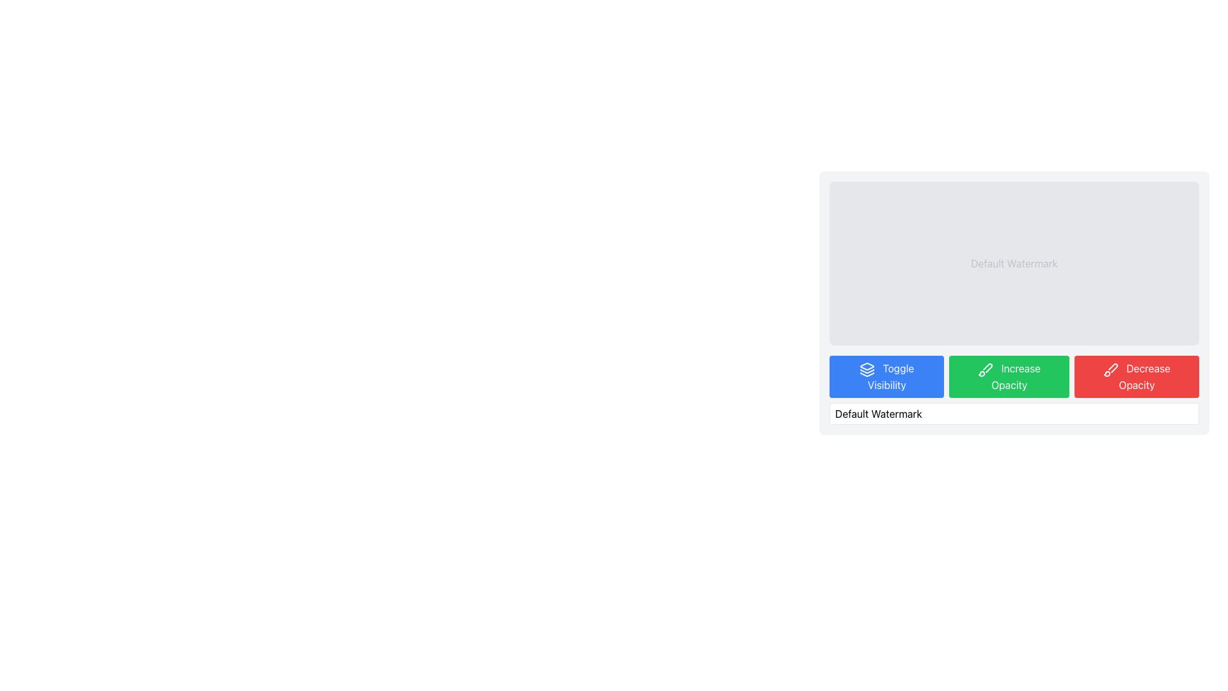  What do you see at coordinates (1137, 376) in the screenshot?
I see `the red button labeled 'Decrease Opacity' located in the bottom-right portion of the interface to decrease opacity` at bounding box center [1137, 376].